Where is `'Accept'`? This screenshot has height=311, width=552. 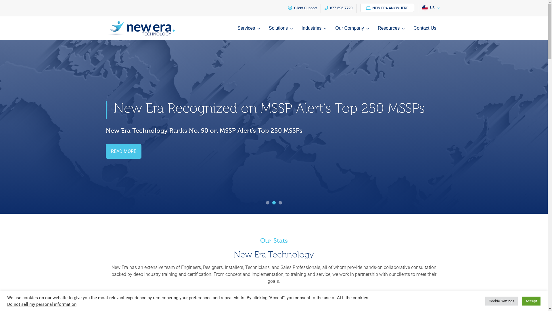
'Accept' is located at coordinates (531, 301).